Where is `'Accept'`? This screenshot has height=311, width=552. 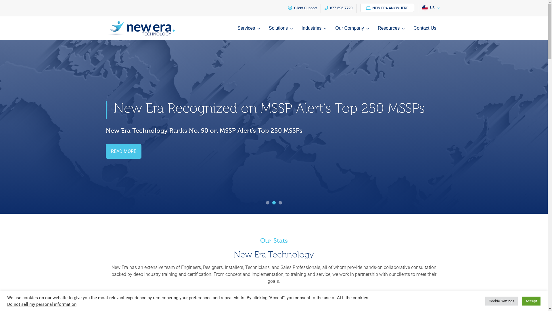
'Accept' is located at coordinates (531, 301).